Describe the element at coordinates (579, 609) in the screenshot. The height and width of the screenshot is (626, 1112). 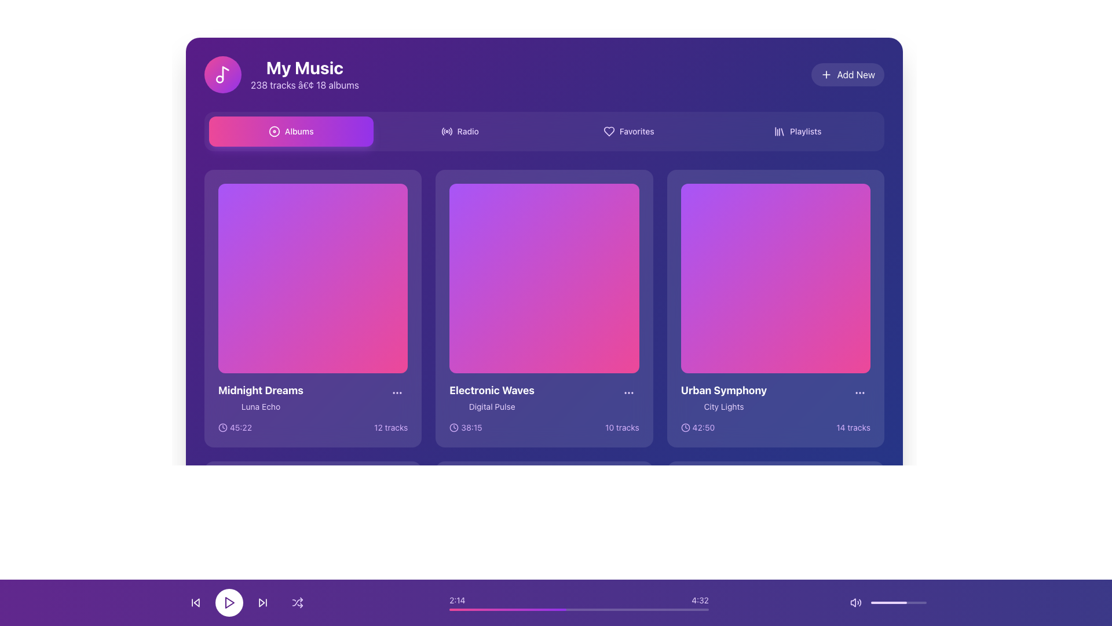
I see `the progress bar, which is a thin horizontal indicator with a gradient from pink to purple, located at the bottom center of the interface, to identify the playback completion percentage` at that location.